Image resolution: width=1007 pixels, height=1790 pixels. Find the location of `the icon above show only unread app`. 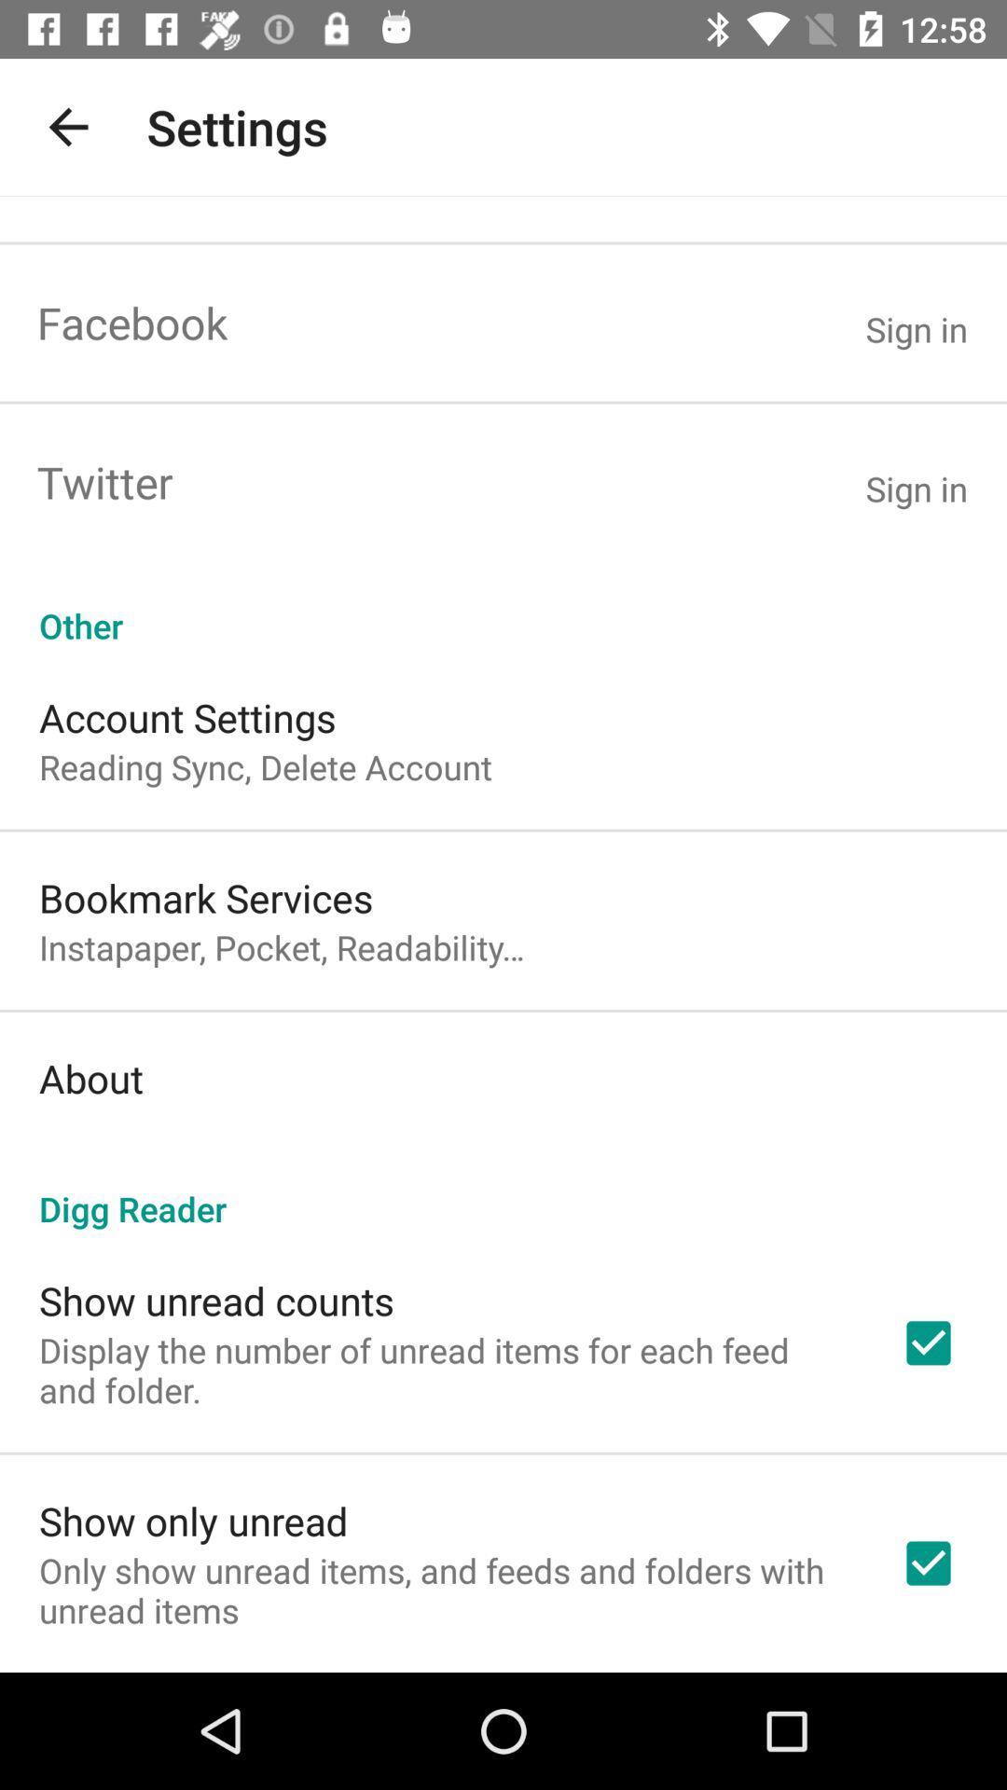

the icon above show only unread app is located at coordinates (445, 1370).